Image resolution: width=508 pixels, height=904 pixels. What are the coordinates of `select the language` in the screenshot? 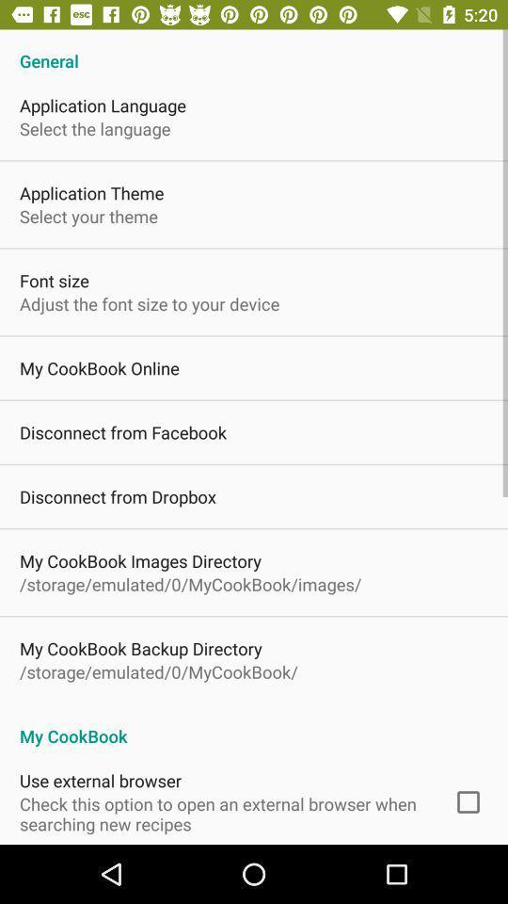 It's located at (94, 127).